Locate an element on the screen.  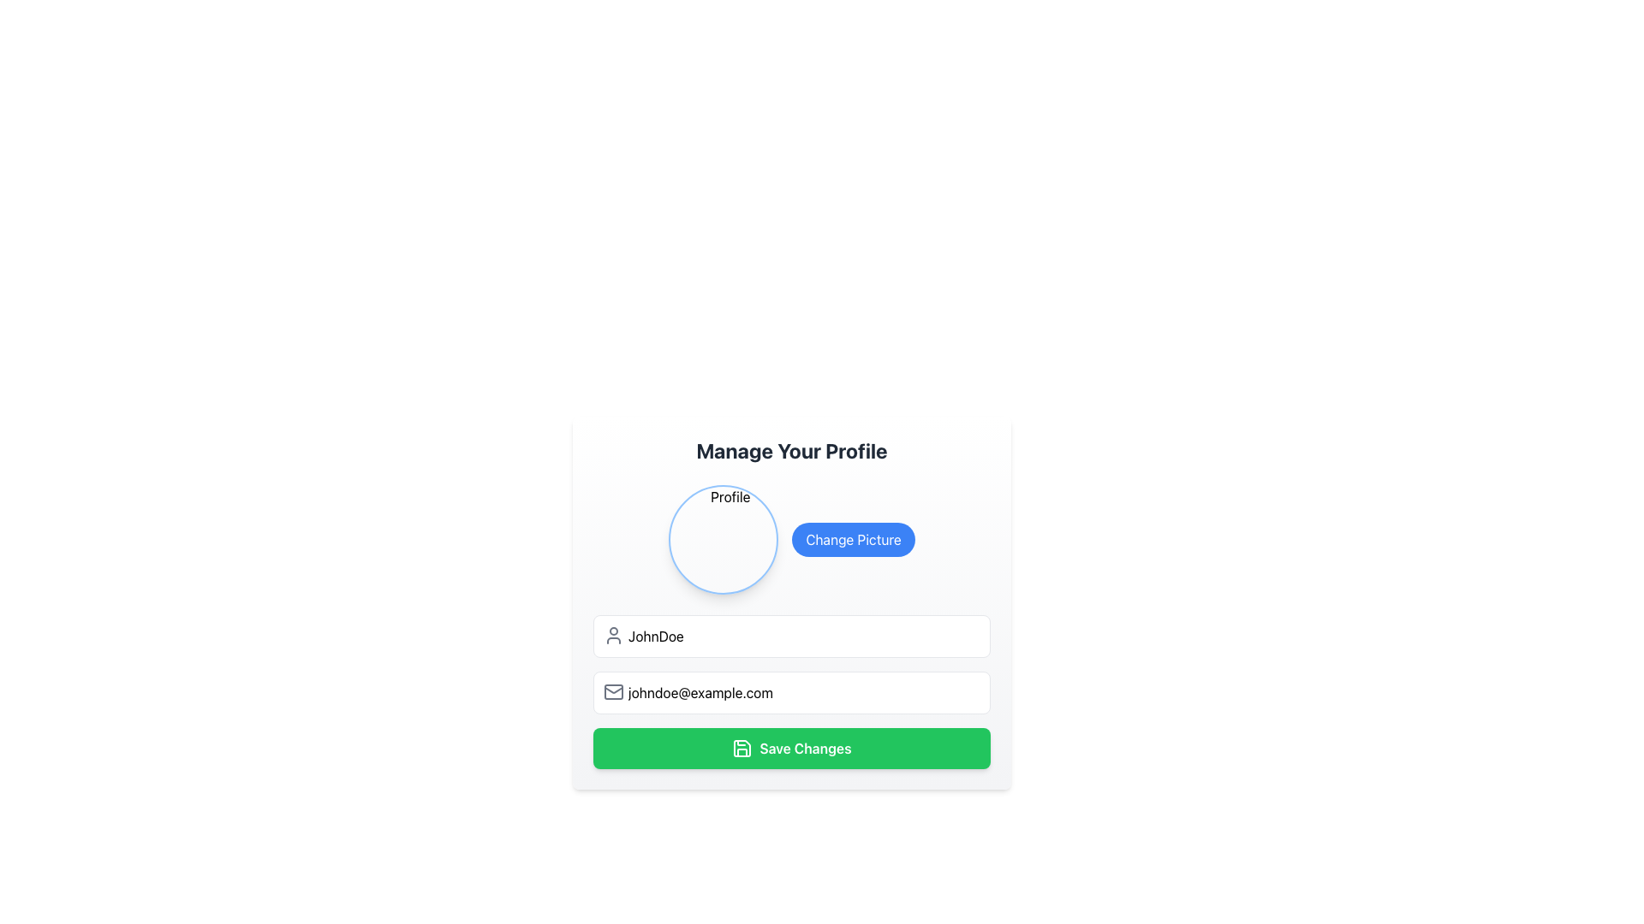
the 'Save Changes' icon located at the leftmost side of the button, adjacent to its label text is located at coordinates (742, 748).